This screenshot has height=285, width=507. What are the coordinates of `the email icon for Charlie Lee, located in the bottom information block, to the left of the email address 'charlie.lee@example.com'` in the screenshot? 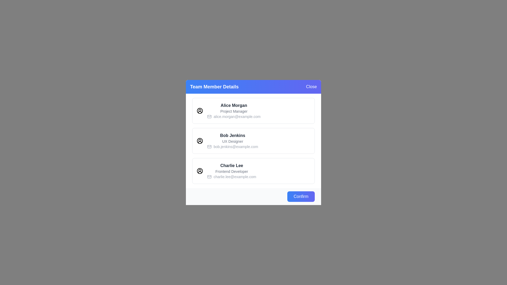 It's located at (209, 177).